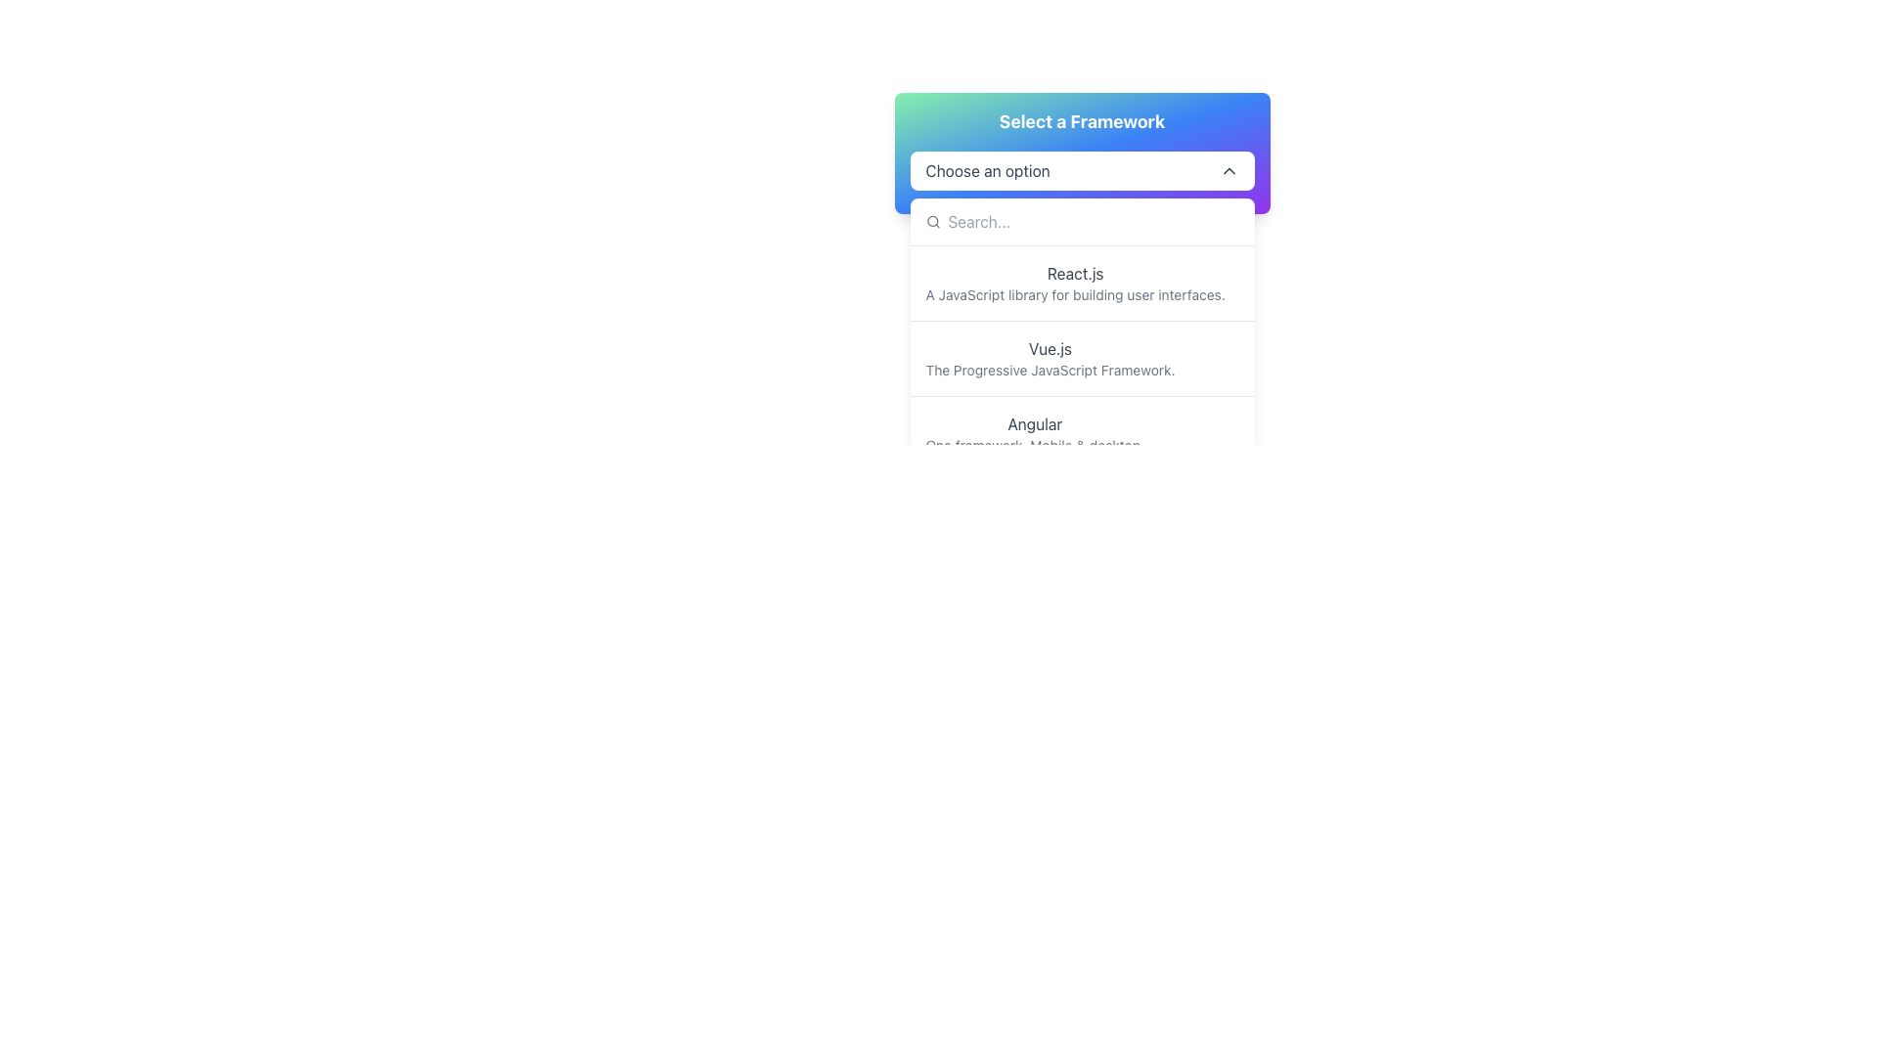 This screenshot has height=1056, width=1878. I want to click on the SVG circle element that visually represents the glass of the magnifying glass in the search icon, located to the left of the search input field, so click(931, 220).